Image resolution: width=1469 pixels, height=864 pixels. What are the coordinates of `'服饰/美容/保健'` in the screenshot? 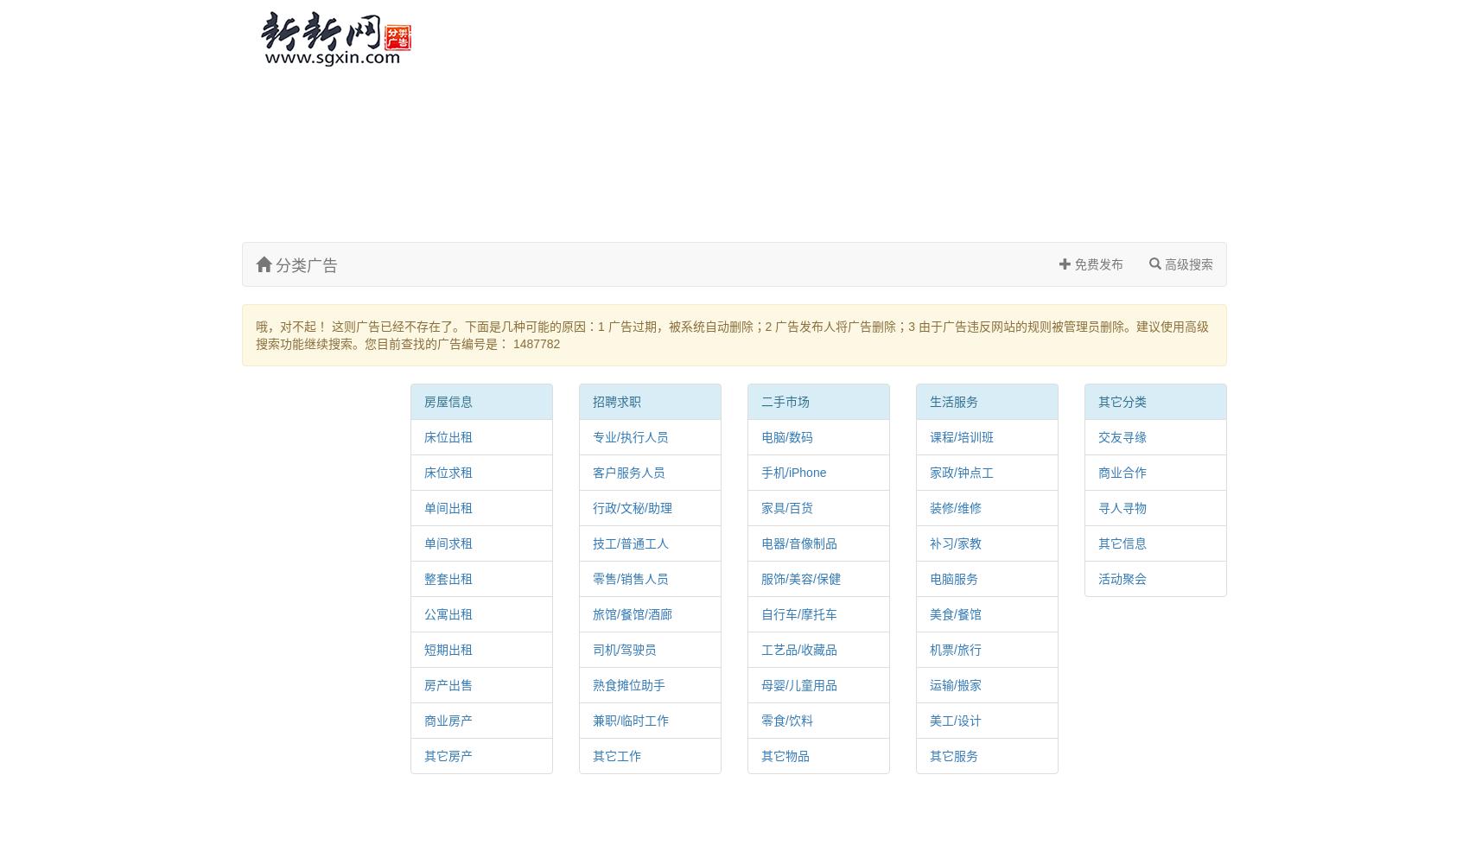 It's located at (800, 579).